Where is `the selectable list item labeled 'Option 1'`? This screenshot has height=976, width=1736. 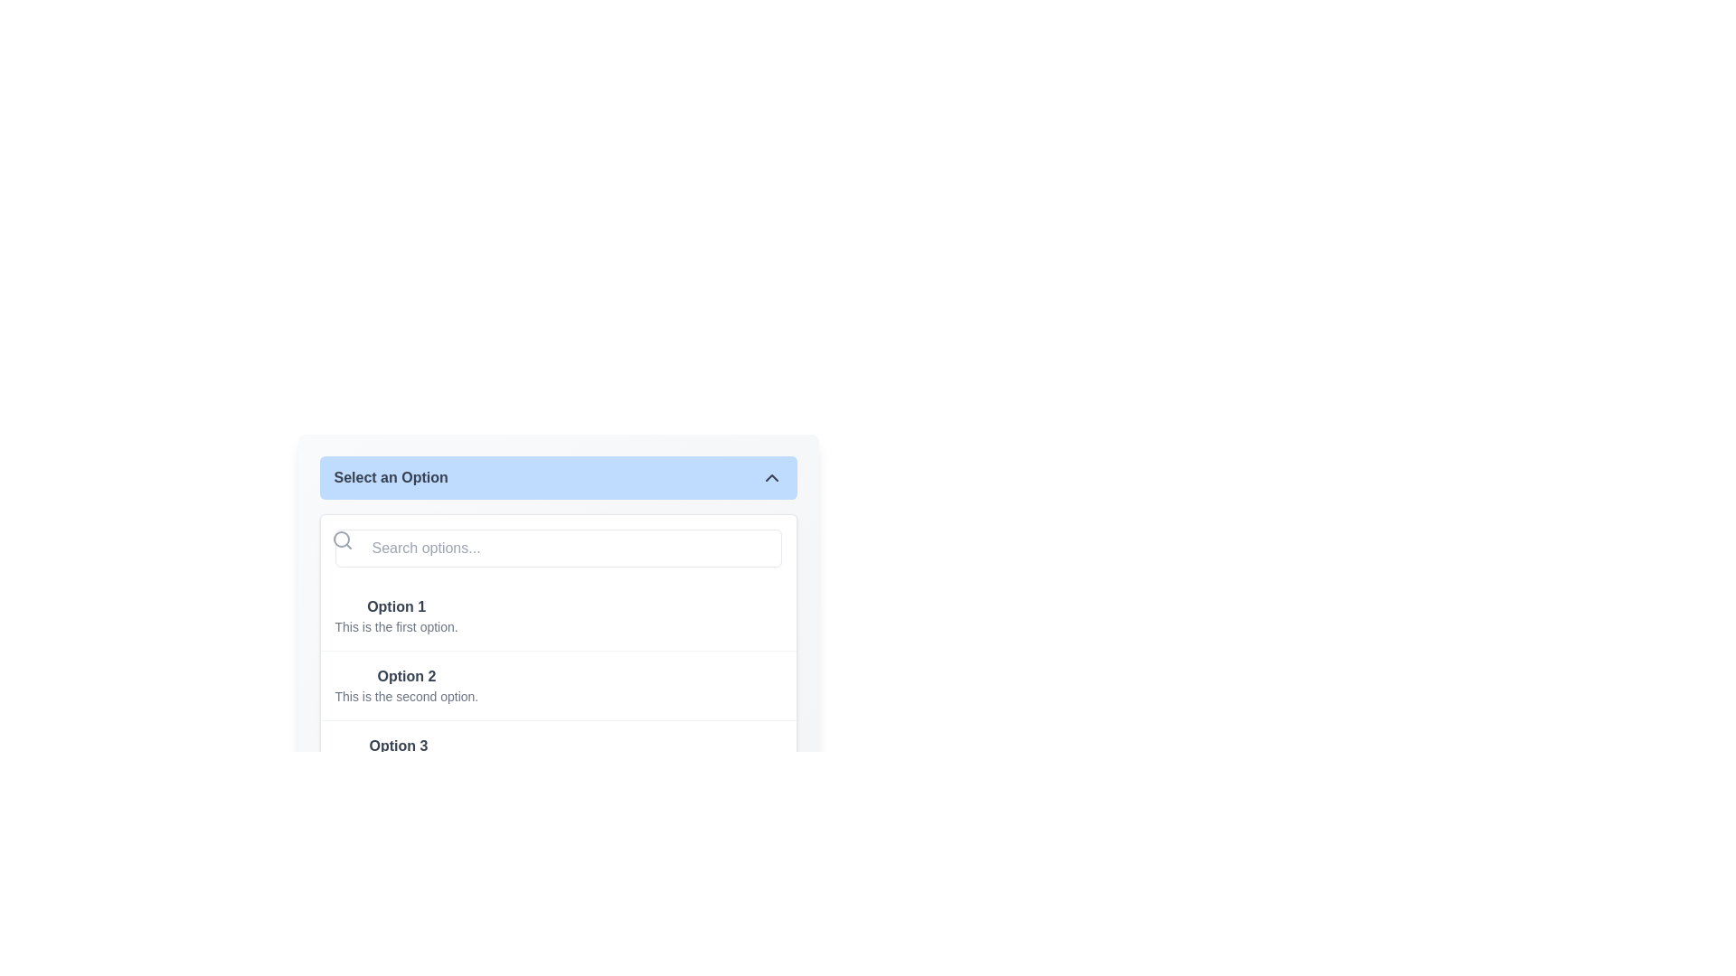 the selectable list item labeled 'Option 1' is located at coordinates (557, 615).